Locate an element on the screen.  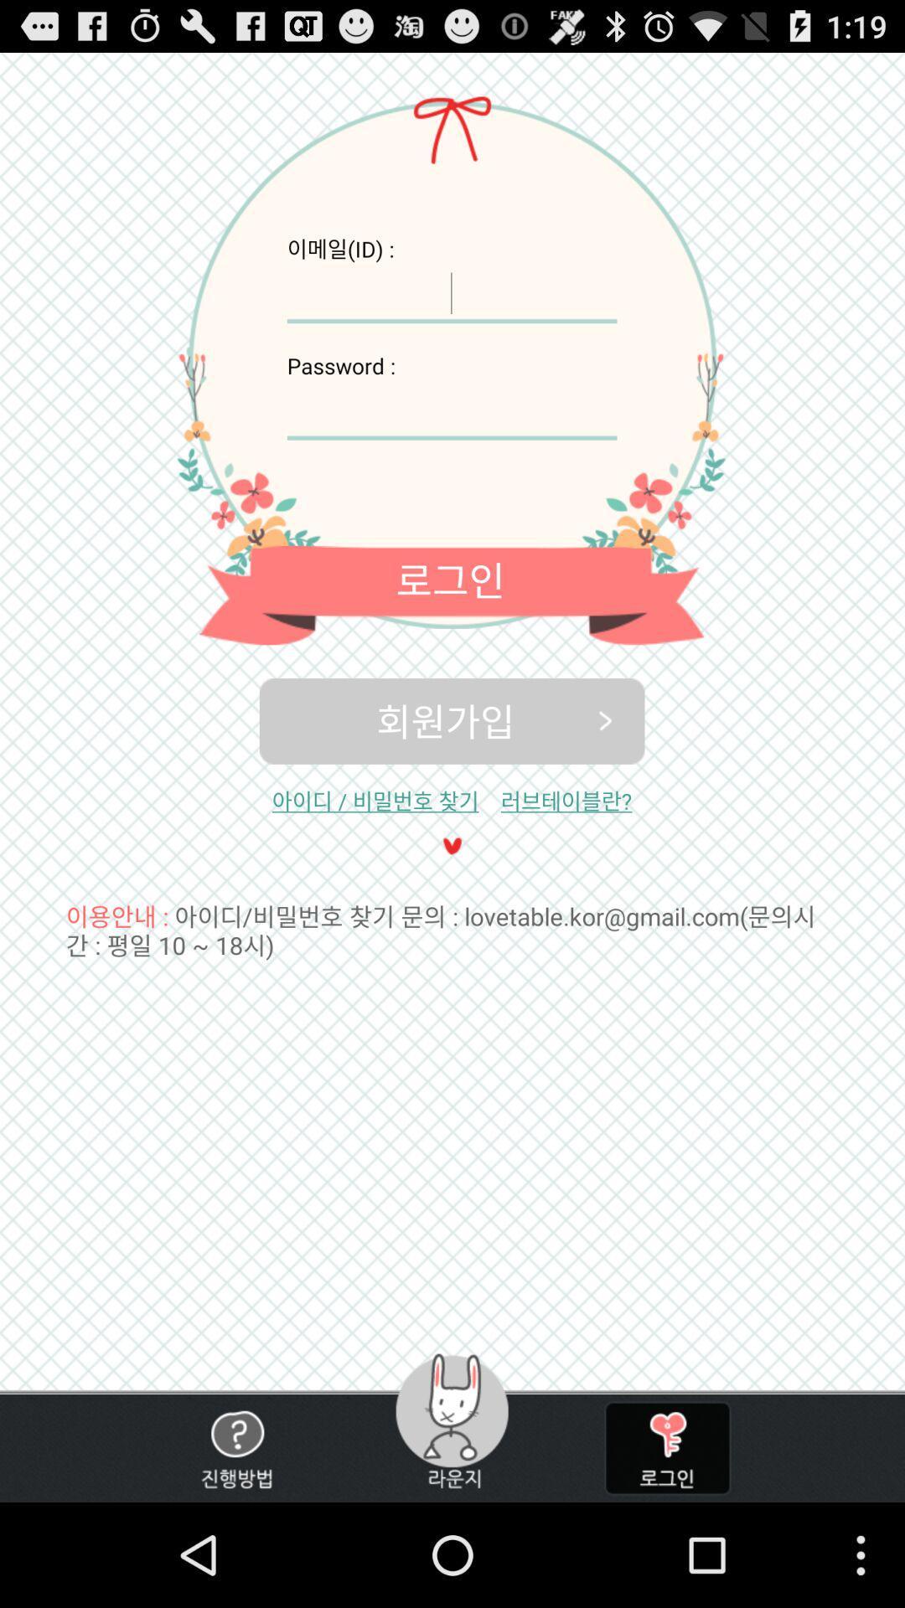
opens help is located at coordinates (236, 1447).